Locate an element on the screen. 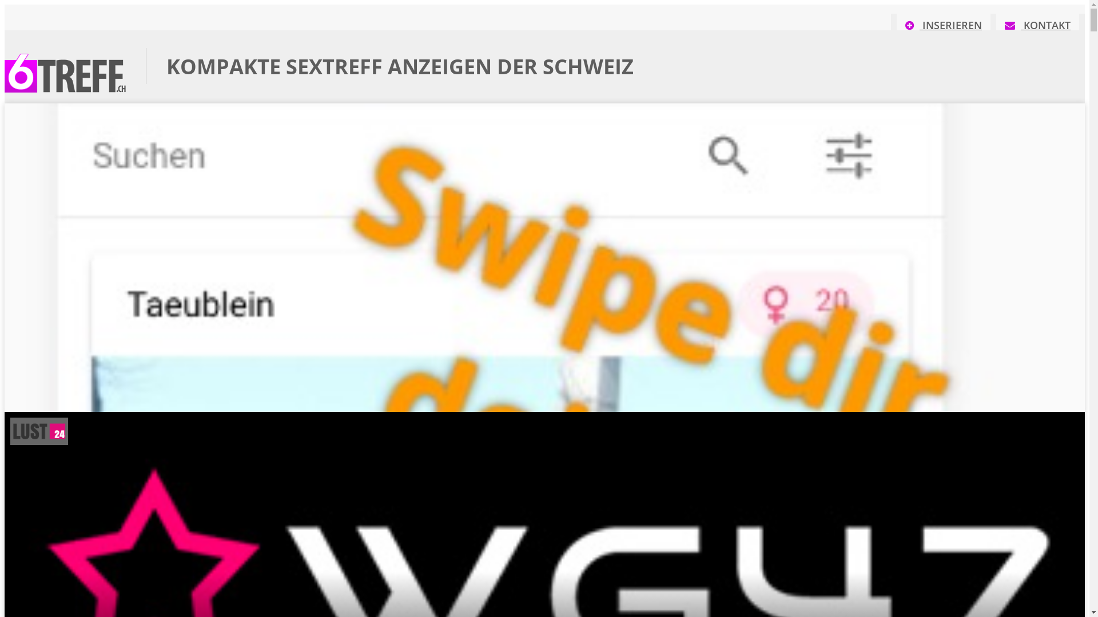  'KONTAKT' is located at coordinates (1037, 28).